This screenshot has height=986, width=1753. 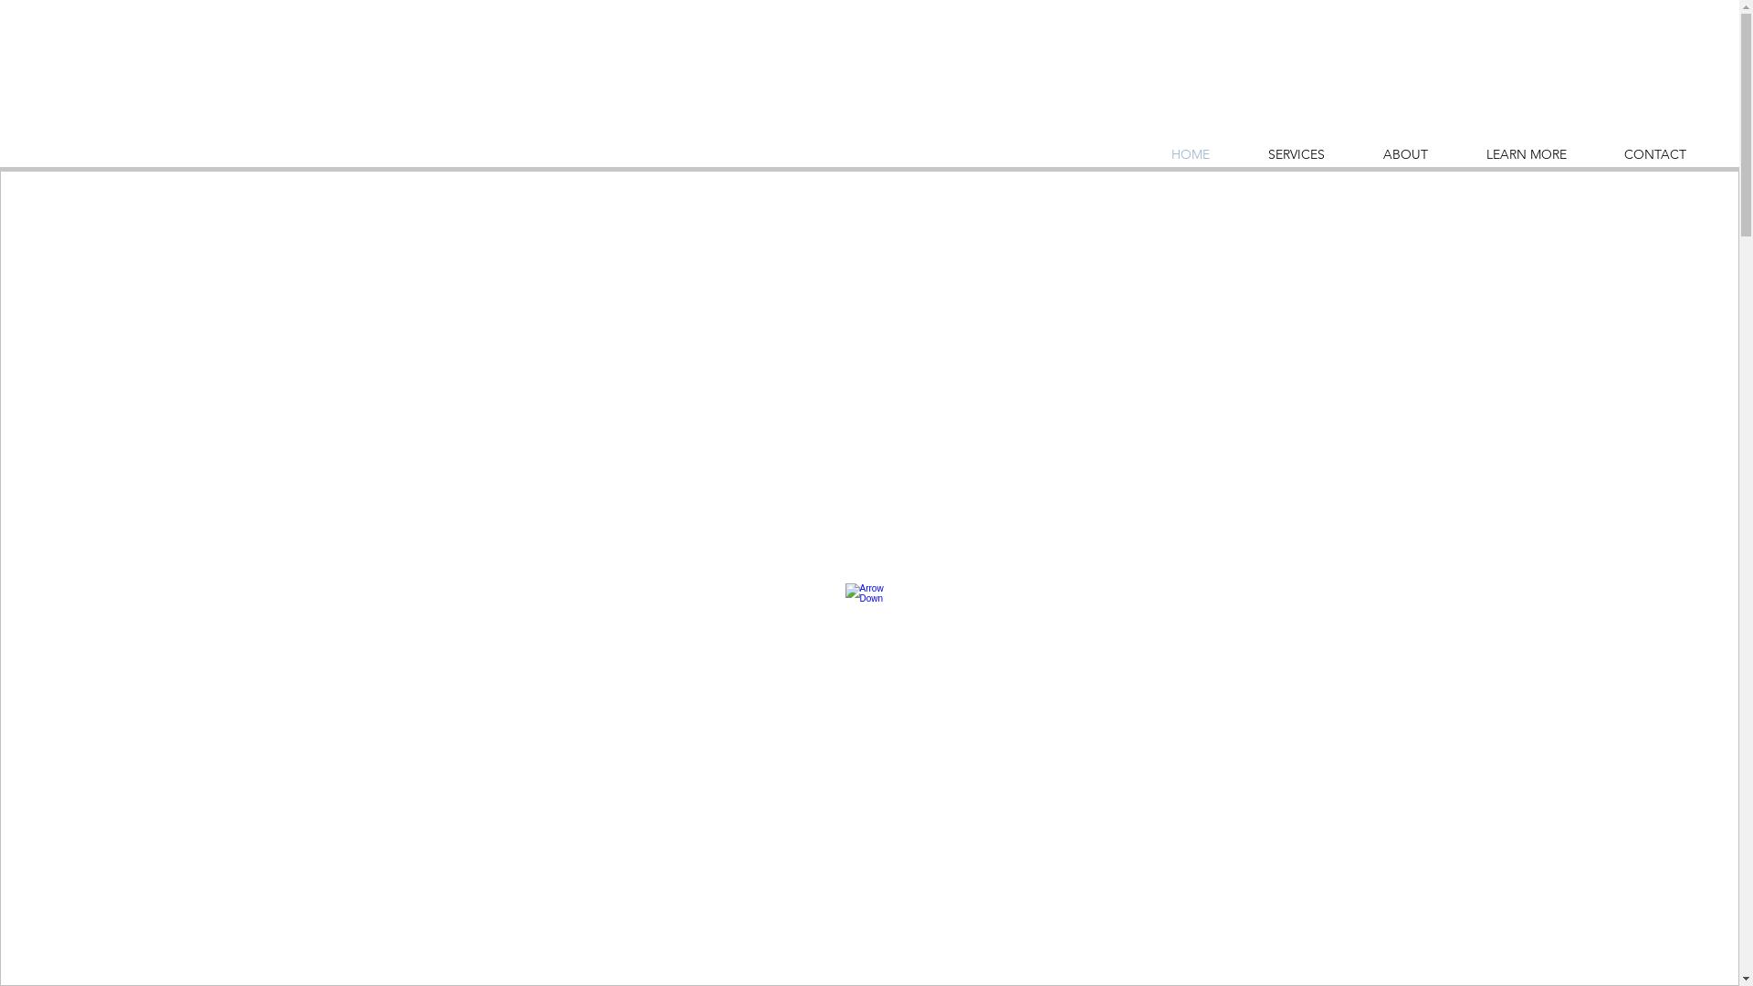 I want to click on 'HOME', so click(x=1191, y=153).